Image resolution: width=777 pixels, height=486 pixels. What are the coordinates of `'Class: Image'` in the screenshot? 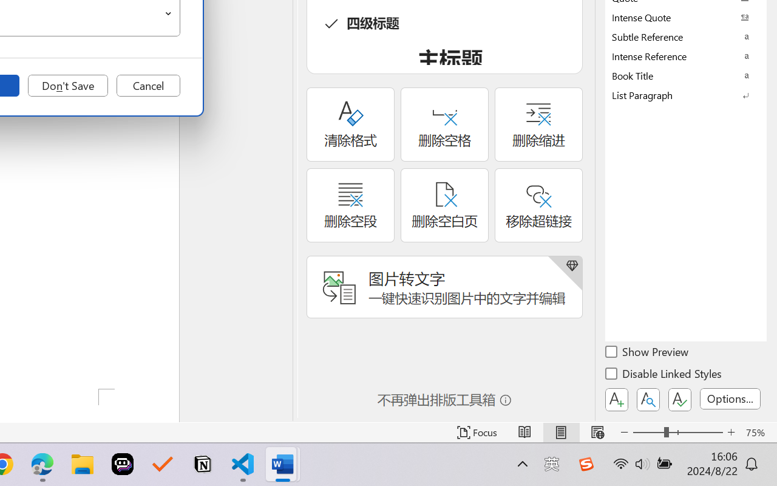 It's located at (586, 464).